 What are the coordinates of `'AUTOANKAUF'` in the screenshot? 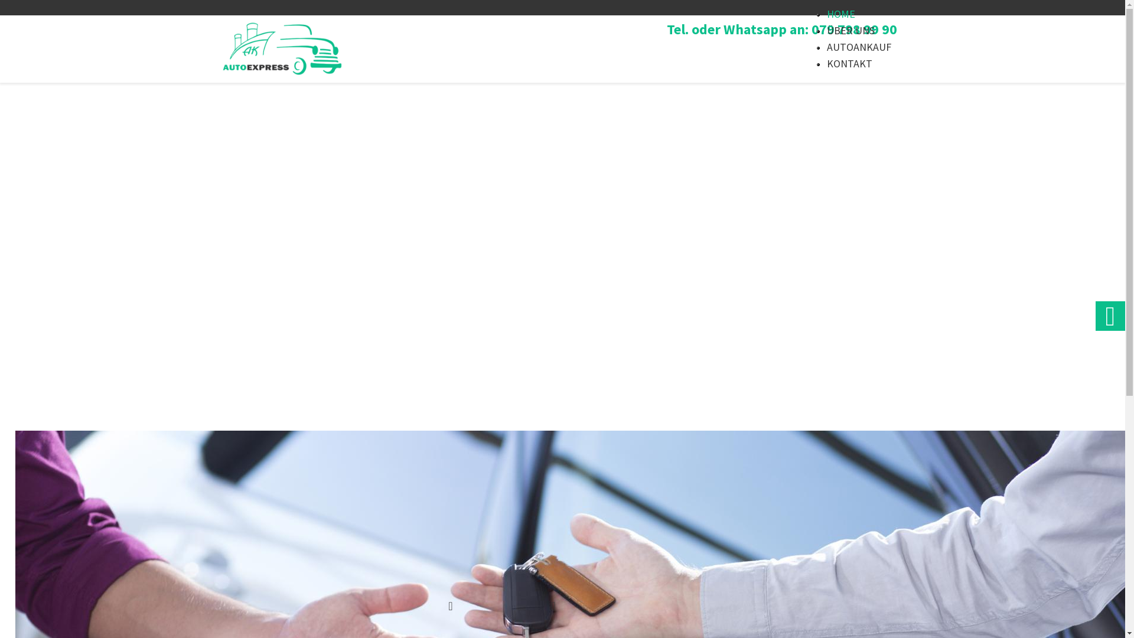 It's located at (859, 46).